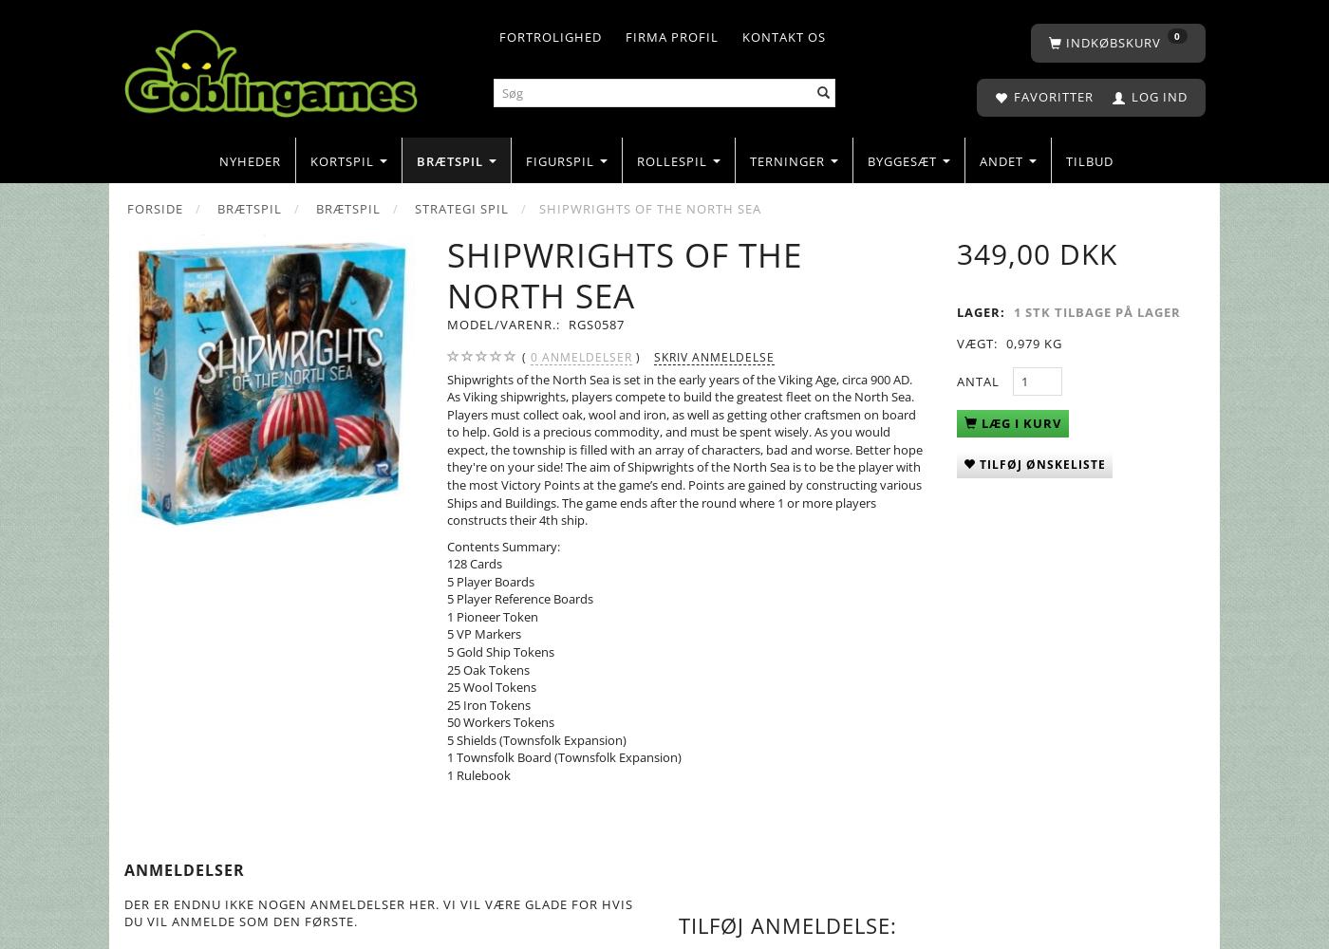  Describe the element at coordinates (155, 207) in the screenshot. I see `'Forside'` at that location.